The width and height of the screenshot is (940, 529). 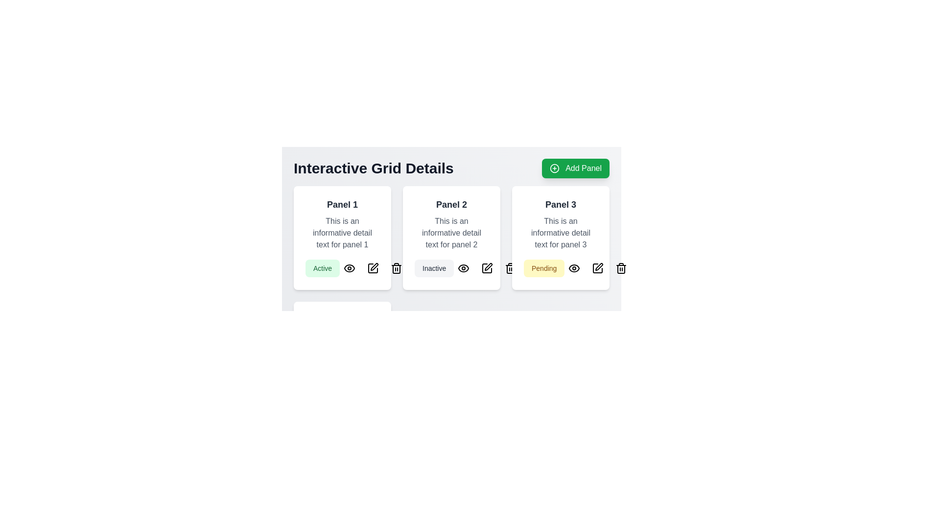 What do you see at coordinates (451, 204) in the screenshot?
I see `text of the title label located at the top of the middle panel of the interface, which identifies the corresponding section or unit` at bounding box center [451, 204].